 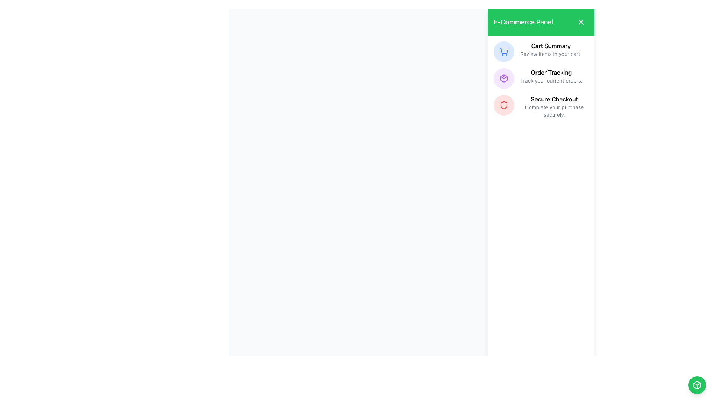 I want to click on text element 'Review items in your cart.' located beneath the 'Cart Summary' heading in the E-Commerce Panel, so click(x=551, y=54).